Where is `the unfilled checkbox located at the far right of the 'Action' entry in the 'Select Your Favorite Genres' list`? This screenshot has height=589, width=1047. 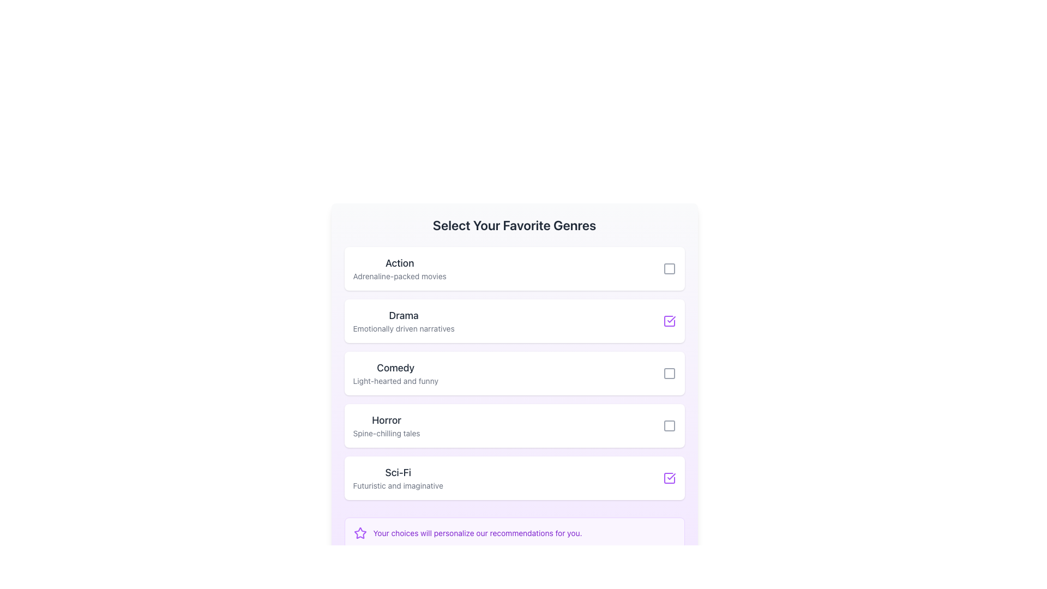
the unfilled checkbox located at the far right of the 'Action' entry in the 'Select Your Favorite Genres' list is located at coordinates (669, 269).